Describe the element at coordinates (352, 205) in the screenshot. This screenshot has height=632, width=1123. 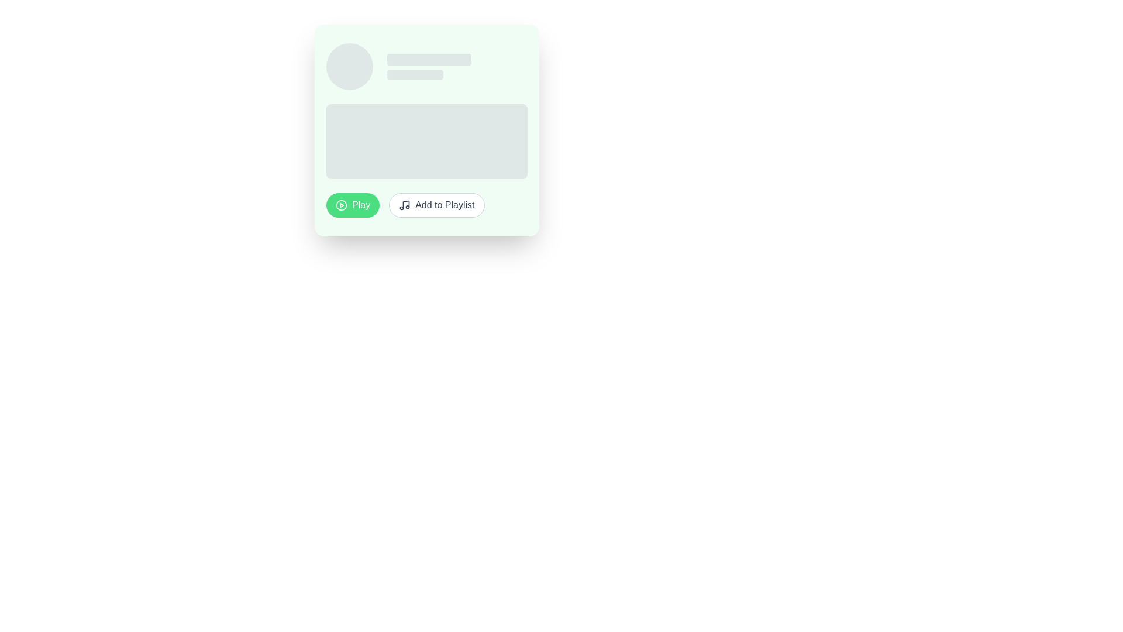
I see `the playback button located at the lower-left side of the interface to initiate media playback` at that location.